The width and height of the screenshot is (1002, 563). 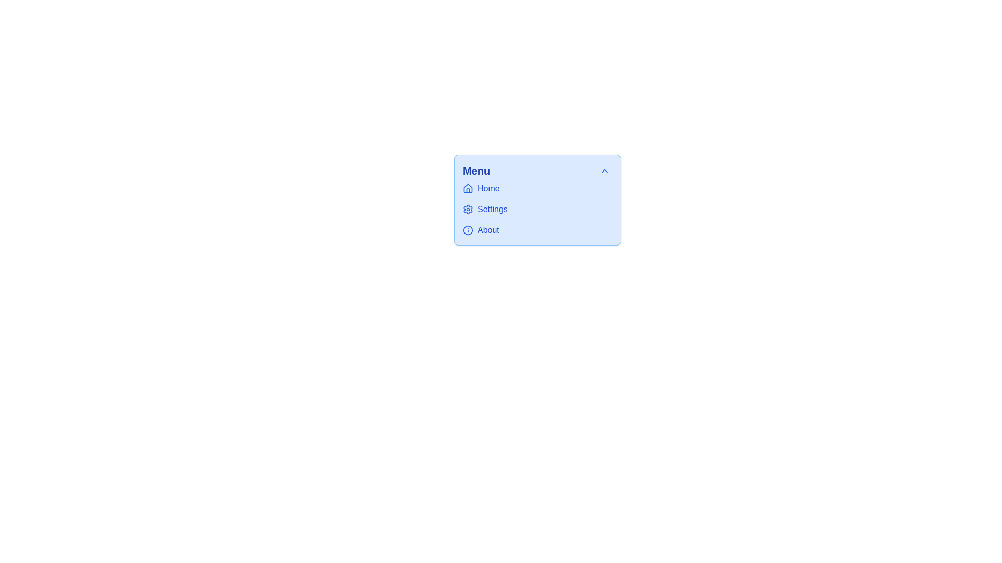 What do you see at coordinates (488, 189) in the screenshot?
I see `the 'Home' text label, which is a medium-weight blue font on a light blue background, located in the first option of the vertical menu under 'Menu', directly right of the house-shaped icon` at bounding box center [488, 189].